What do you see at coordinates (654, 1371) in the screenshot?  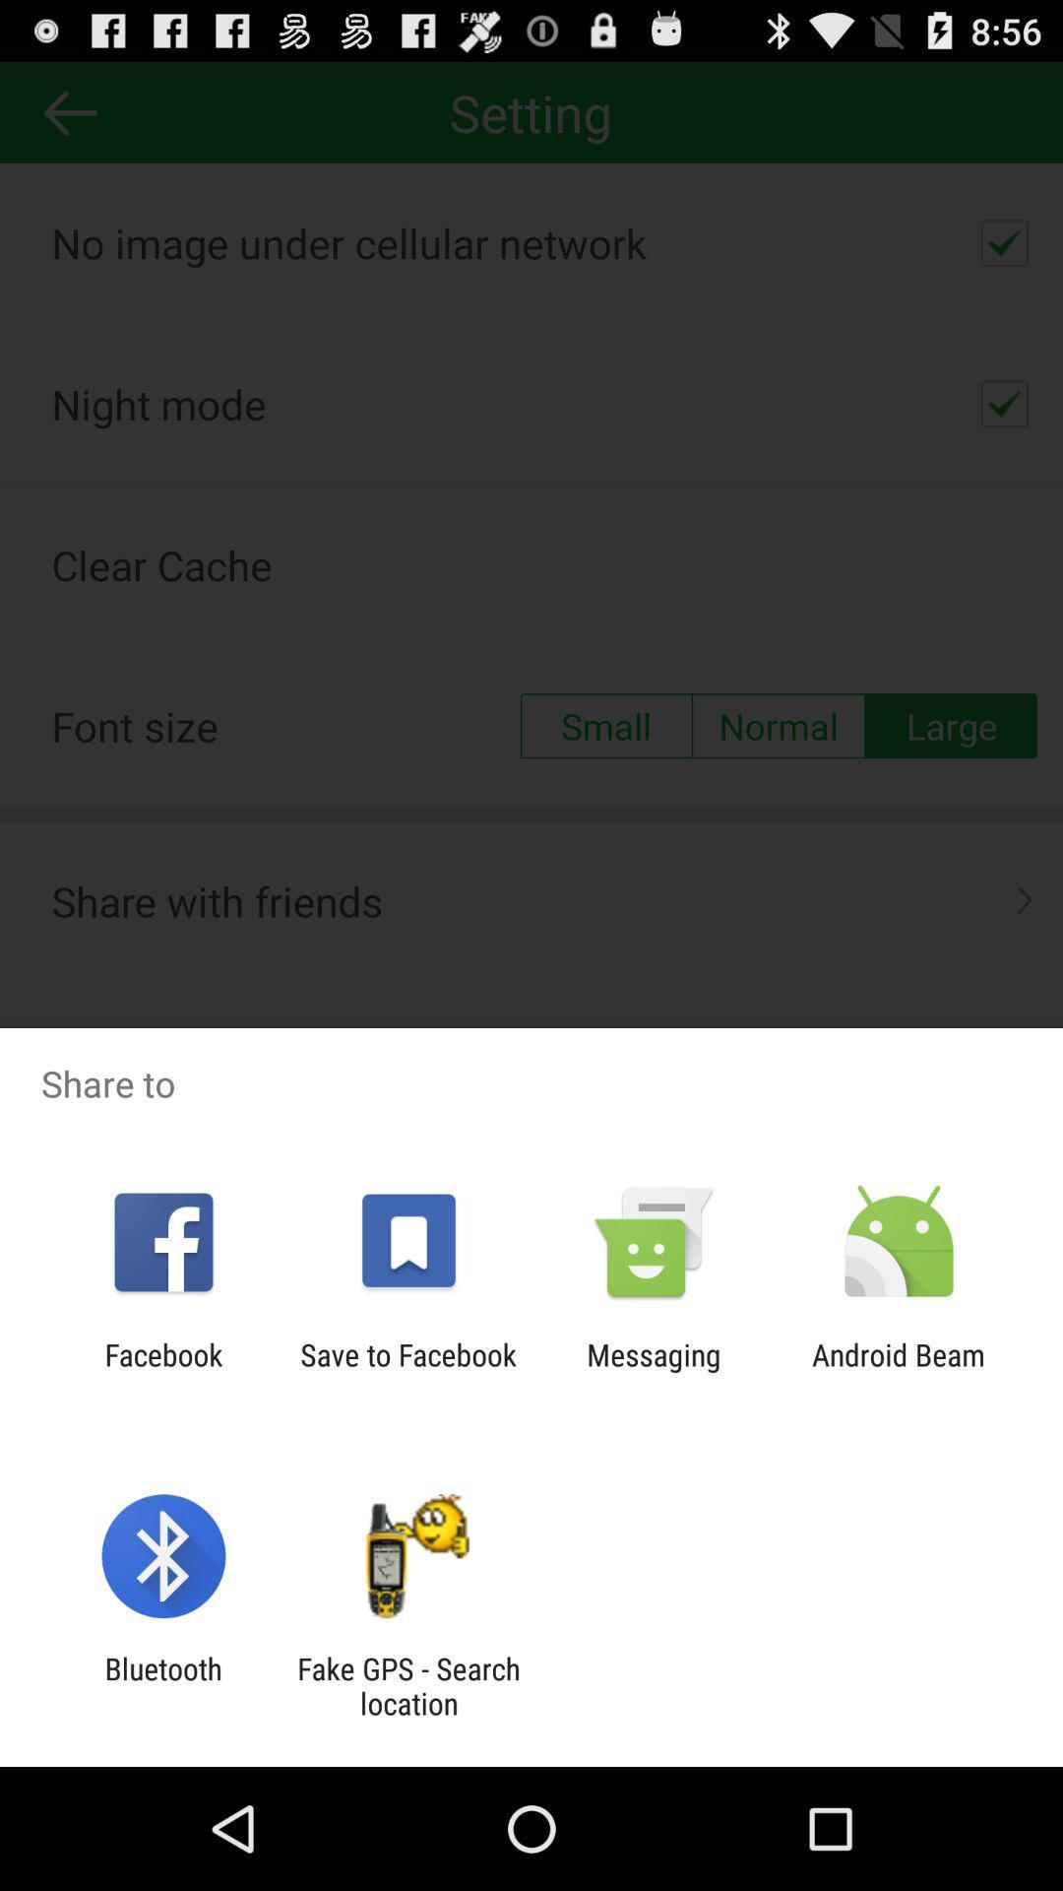 I see `app to the left of the android beam app` at bounding box center [654, 1371].